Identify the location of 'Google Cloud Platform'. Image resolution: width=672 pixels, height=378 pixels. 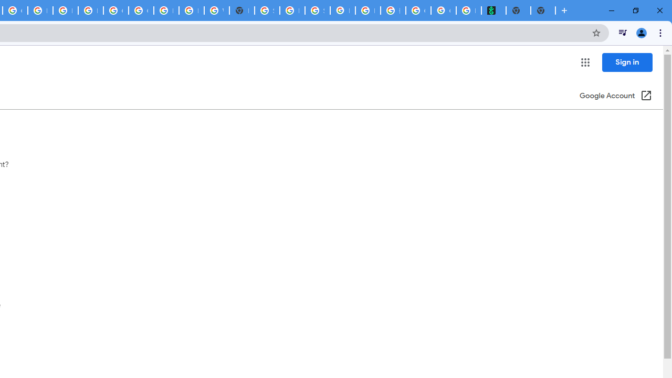
(140, 10).